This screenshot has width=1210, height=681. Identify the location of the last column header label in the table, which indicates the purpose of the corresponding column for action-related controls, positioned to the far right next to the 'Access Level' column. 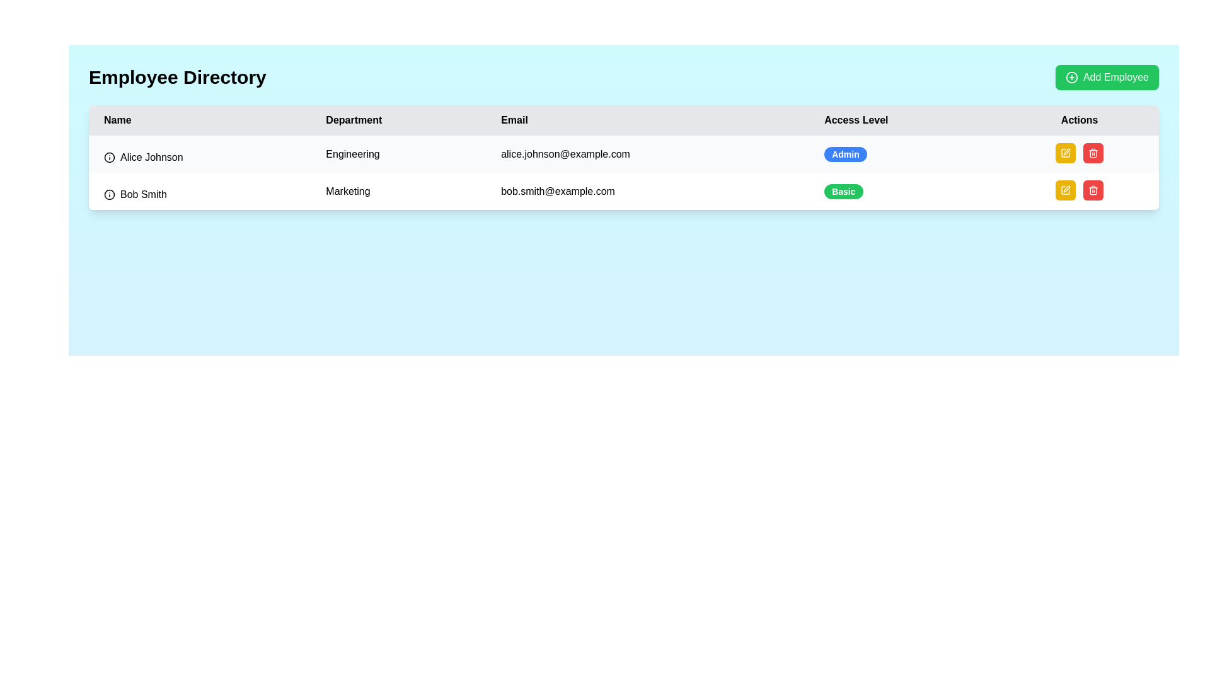
(1079, 120).